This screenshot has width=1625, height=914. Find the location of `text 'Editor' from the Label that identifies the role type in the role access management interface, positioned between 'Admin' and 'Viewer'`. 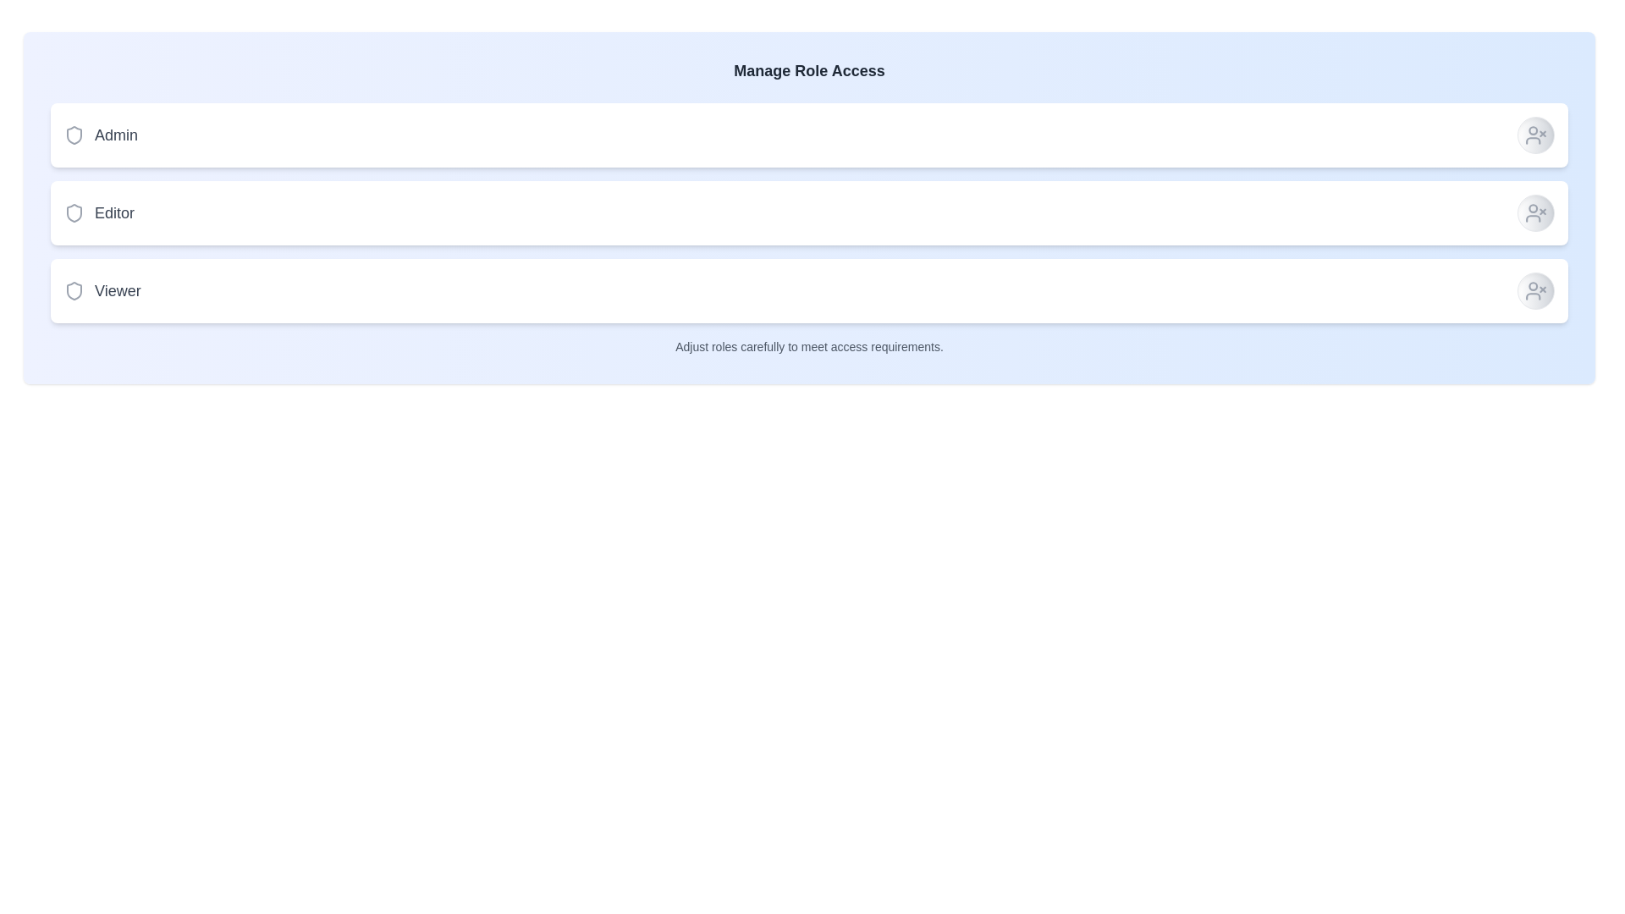

text 'Editor' from the Label that identifies the role type in the role access management interface, positioned between 'Admin' and 'Viewer' is located at coordinates (113, 212).